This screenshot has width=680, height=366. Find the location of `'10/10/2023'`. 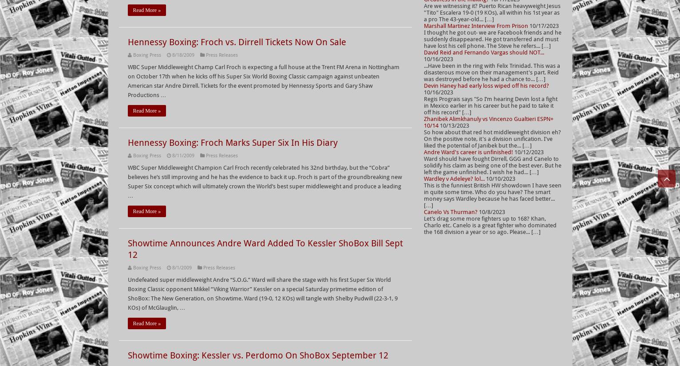

'10/10/2023' is located at coordinates (499, 178).